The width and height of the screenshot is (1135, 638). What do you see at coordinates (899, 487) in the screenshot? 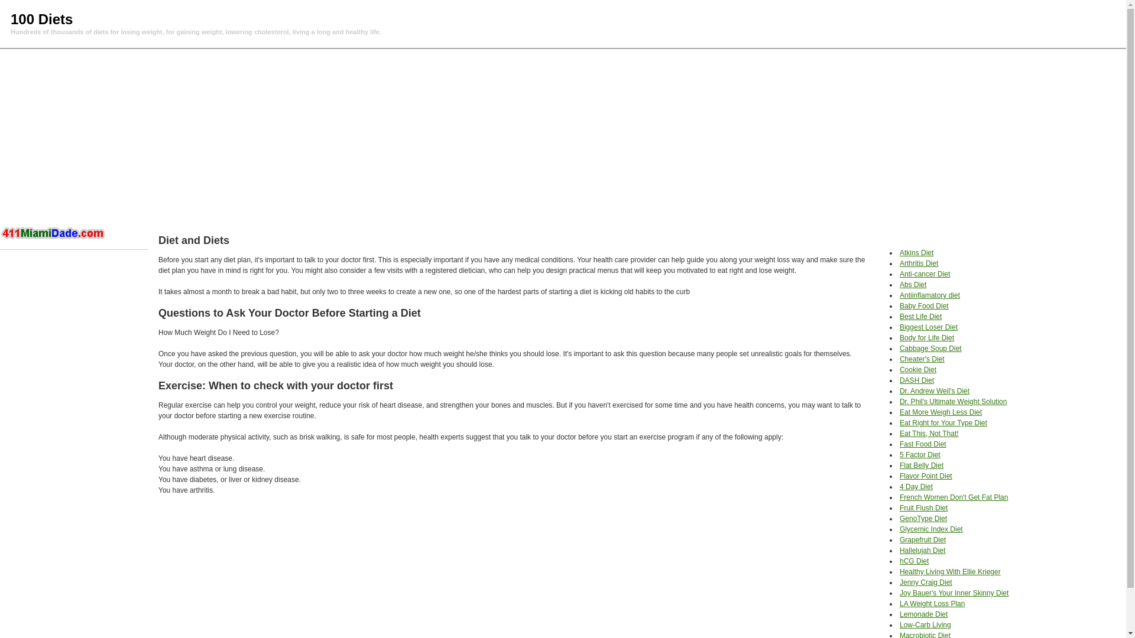
I see `'4 Day Diet'` at bounding box center [899, 487].